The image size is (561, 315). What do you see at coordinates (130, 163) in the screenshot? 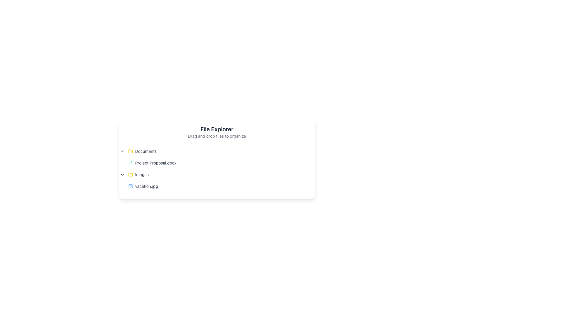
I see `the small green file document icon located next to the file name 'Project Proposal.docx' in the file explorer interface` at bounding box center [130, 163].